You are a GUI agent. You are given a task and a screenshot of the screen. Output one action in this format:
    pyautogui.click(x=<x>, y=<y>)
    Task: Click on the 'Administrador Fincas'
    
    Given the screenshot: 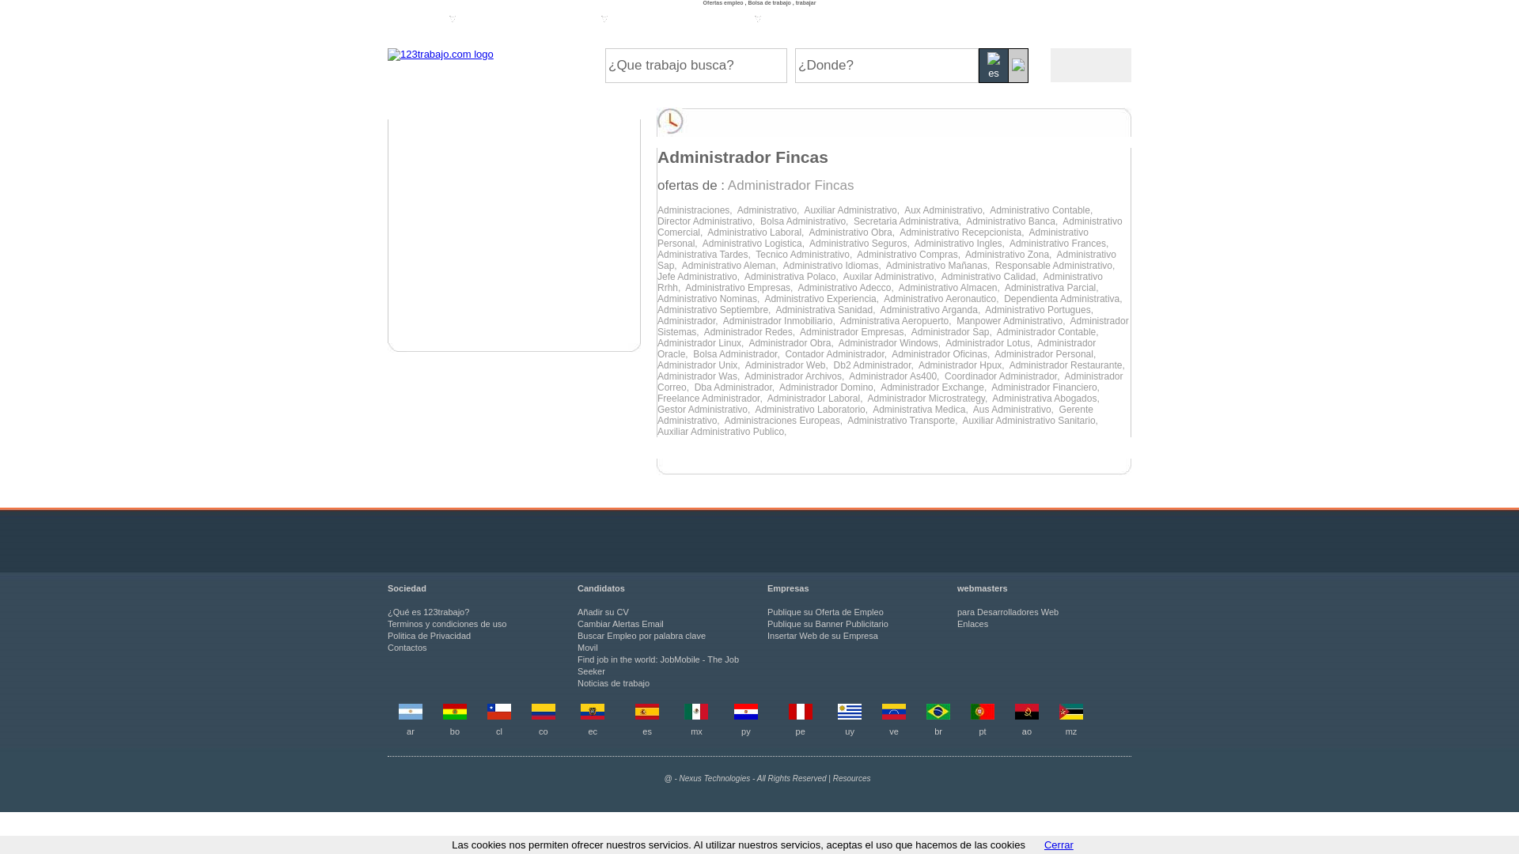 What is the action you would take?
    pyautogui.click(x=790, y=184)
    